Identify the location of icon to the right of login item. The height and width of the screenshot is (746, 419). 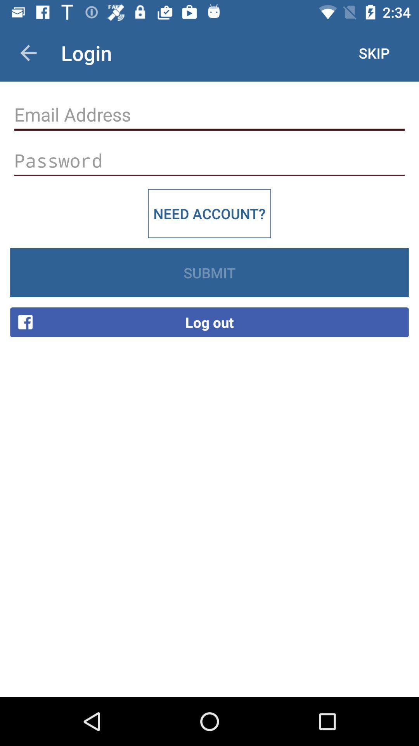
(374, 52).